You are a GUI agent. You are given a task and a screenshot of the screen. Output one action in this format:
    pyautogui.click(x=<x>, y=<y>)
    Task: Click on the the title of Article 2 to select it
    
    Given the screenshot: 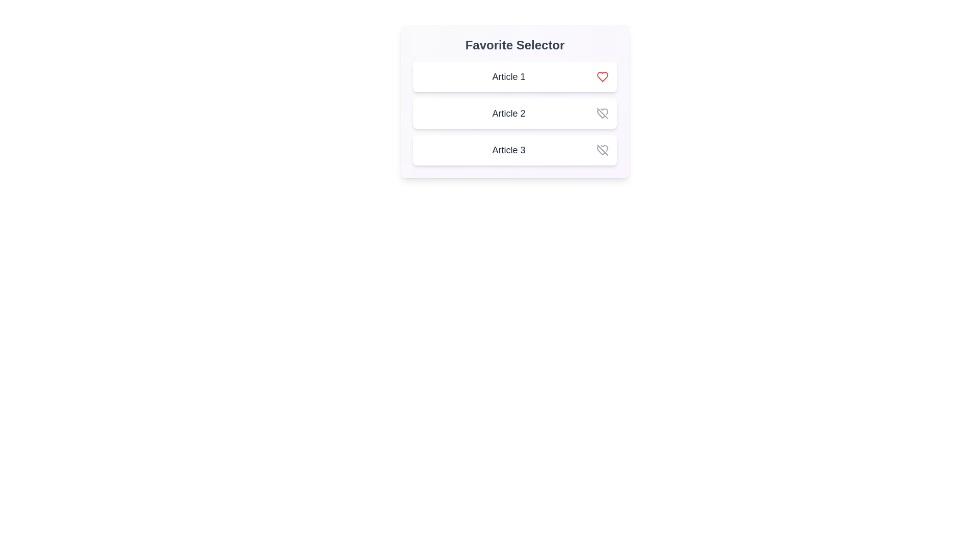 What is the action you would take?
    pyautogui.click(x=509, y=114)
    